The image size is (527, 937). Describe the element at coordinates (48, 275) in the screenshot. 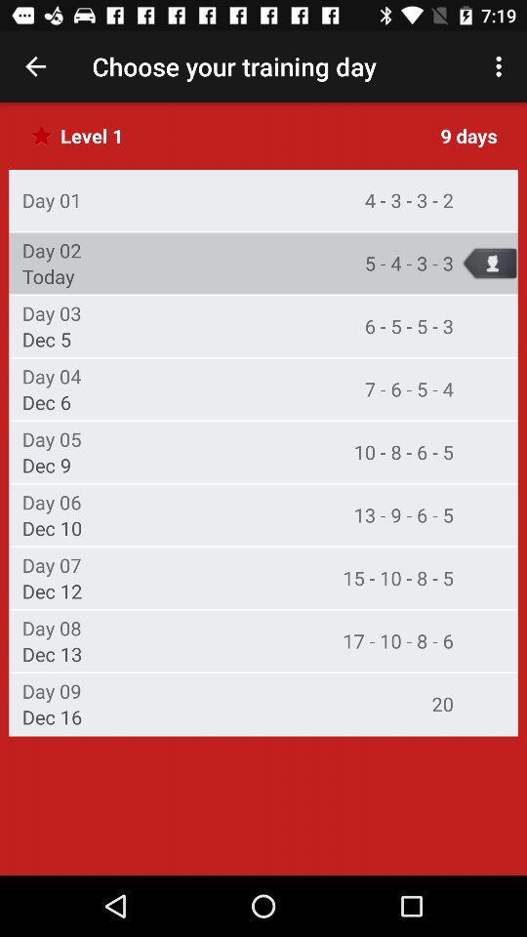

I see `icon to the left of the 5 4 3 icon` at that location.